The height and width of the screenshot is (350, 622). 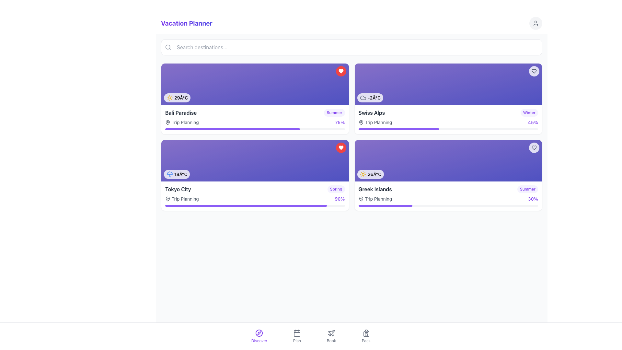 What do you see at coordinates (363, 174) in the screenshot?
I see `the sun icon indicating sunny weather conditions, located next to the temperature display of '26Â°C.'` at bounding box center [363, 174].